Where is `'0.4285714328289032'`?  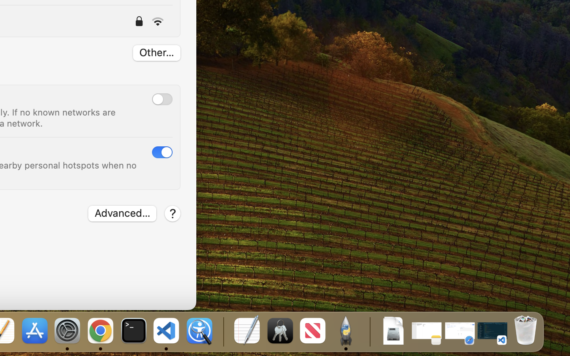 '0.4285714328289032' is located at coordinates (222, 331).